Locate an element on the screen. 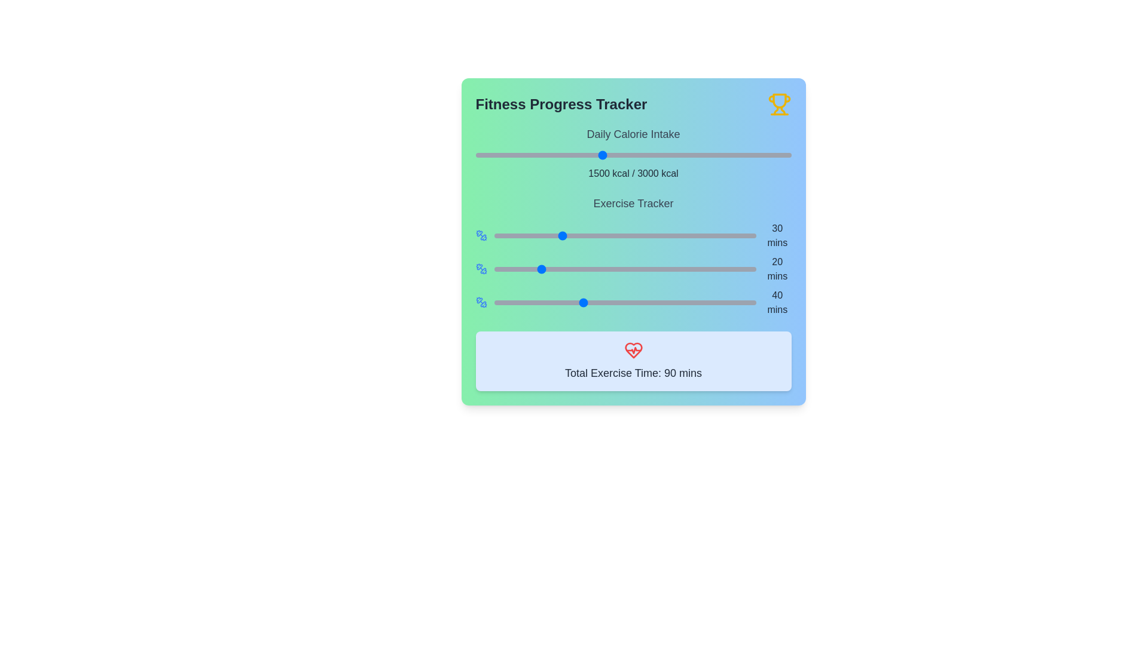  the slider value is located at coordinates (680, 235).